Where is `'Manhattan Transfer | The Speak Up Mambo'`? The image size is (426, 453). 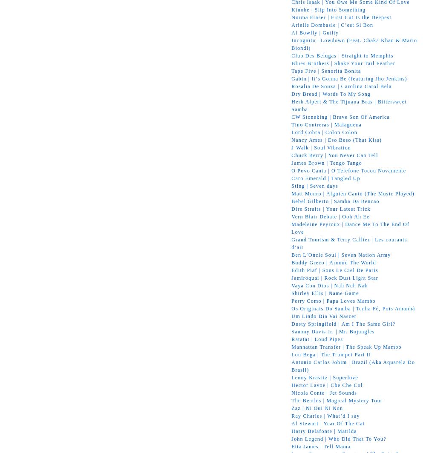
'Manhattan Transfer | The Speak Up Mambo' is located at coordinates (346, 346).